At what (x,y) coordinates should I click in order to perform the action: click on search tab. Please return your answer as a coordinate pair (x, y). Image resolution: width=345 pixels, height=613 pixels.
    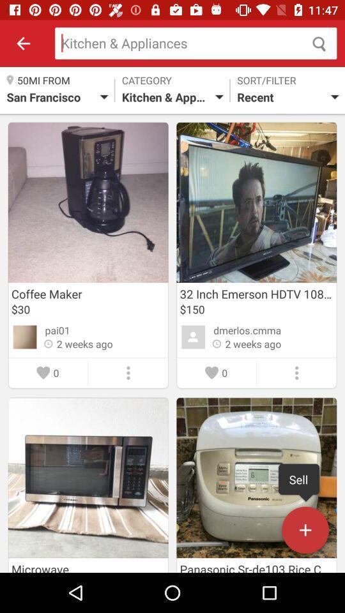
    Looking at the image, I should click on (195, 43).